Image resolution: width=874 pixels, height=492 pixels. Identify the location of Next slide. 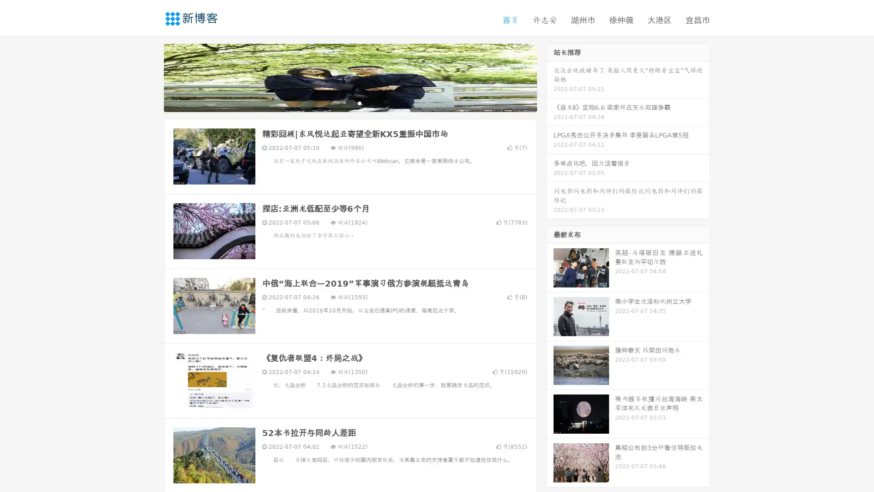
(550, 77).